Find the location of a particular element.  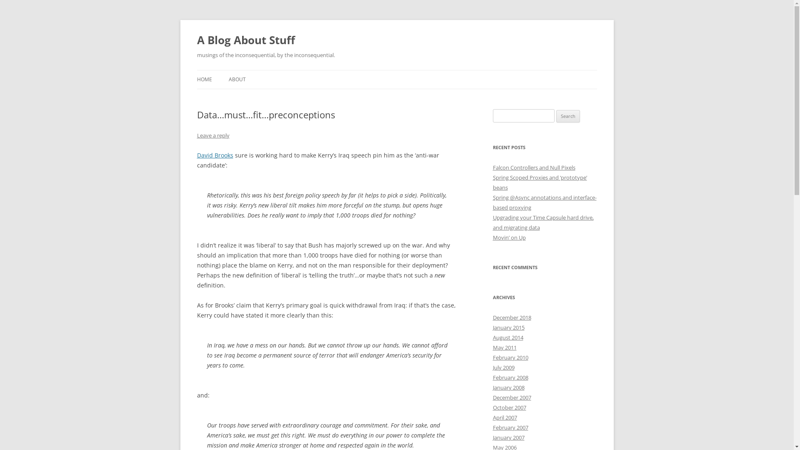

'A Blog About Stuff' is located at coordinates (245, 40).